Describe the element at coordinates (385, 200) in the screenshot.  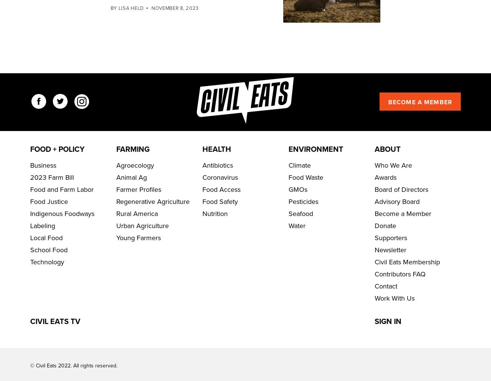
I see `'Awards'` at that location.